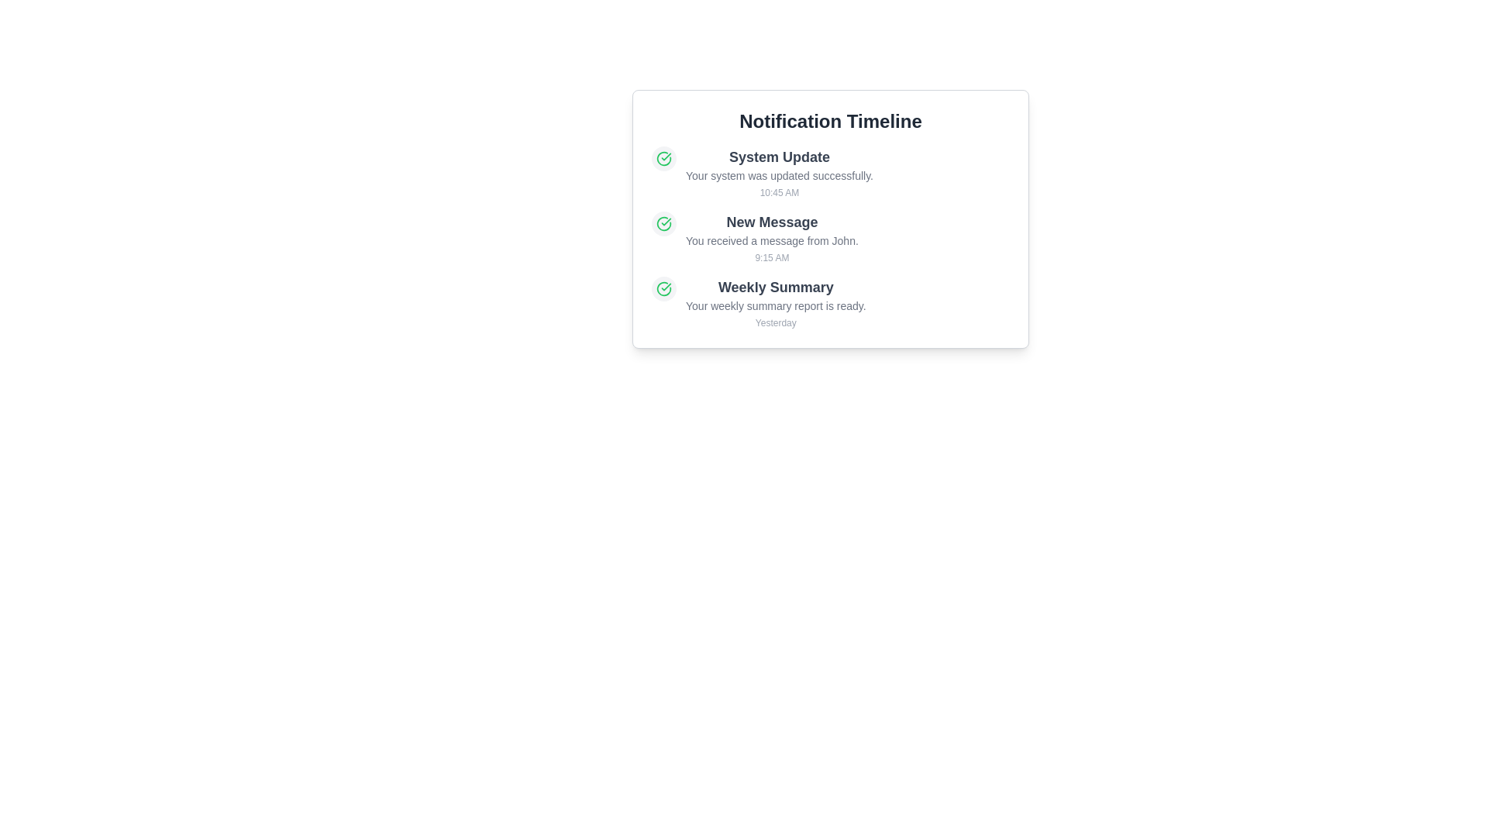 Image resolution: width=1488 pixels, height=837 pixels. What do you see at coordinates (780, 192) in the screenshot?
I see `the timestamp label displaying '10:45 AM', which is located below the event description 'Your system was updated successfully.'` at bounding box center [780, 192].